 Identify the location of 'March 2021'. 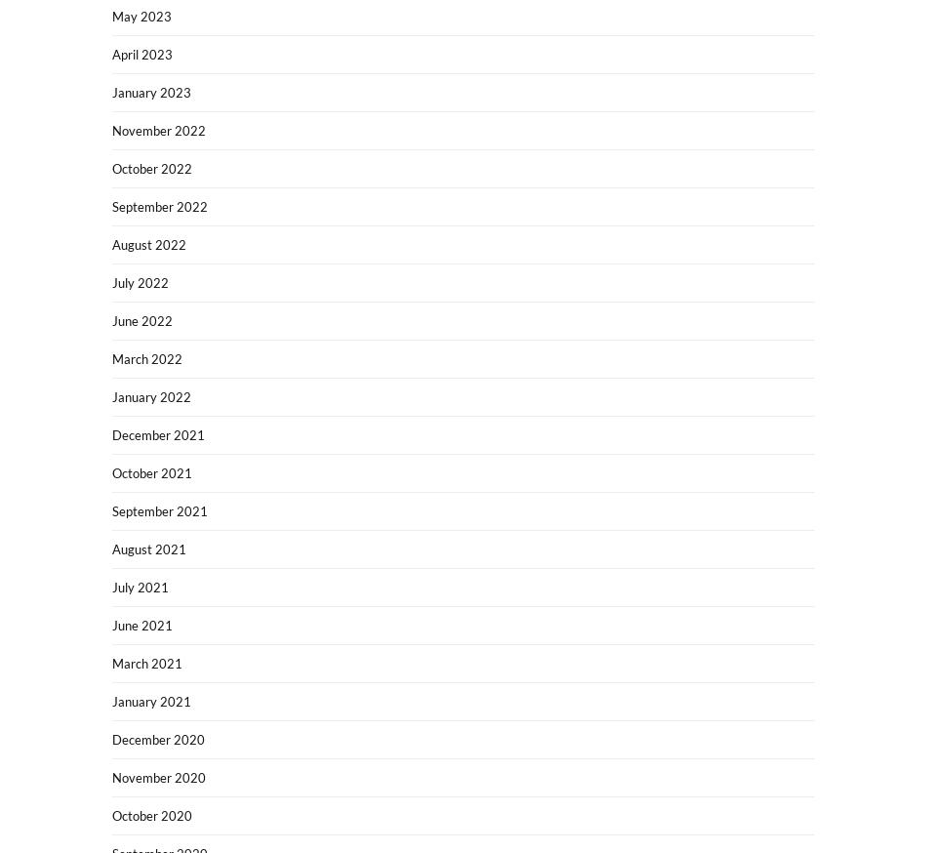
(146, 663).